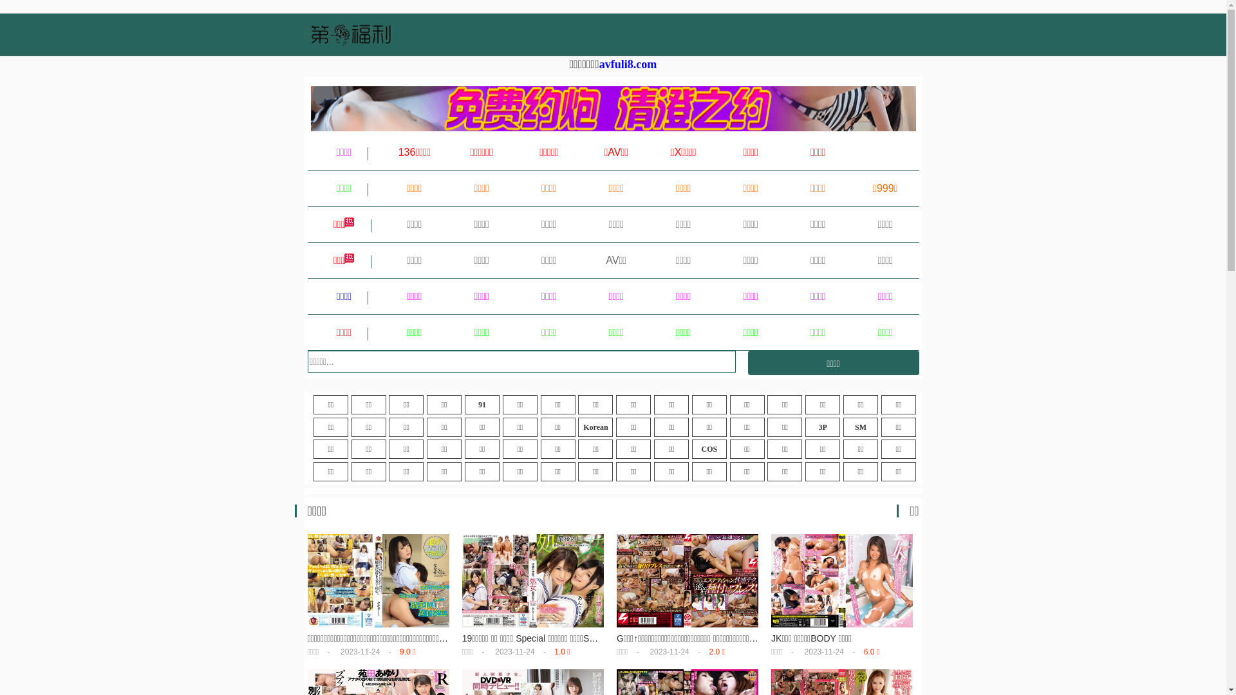 The height and width of the screenshot is (695, 1236). I want to click on '91', so click(481, 403).